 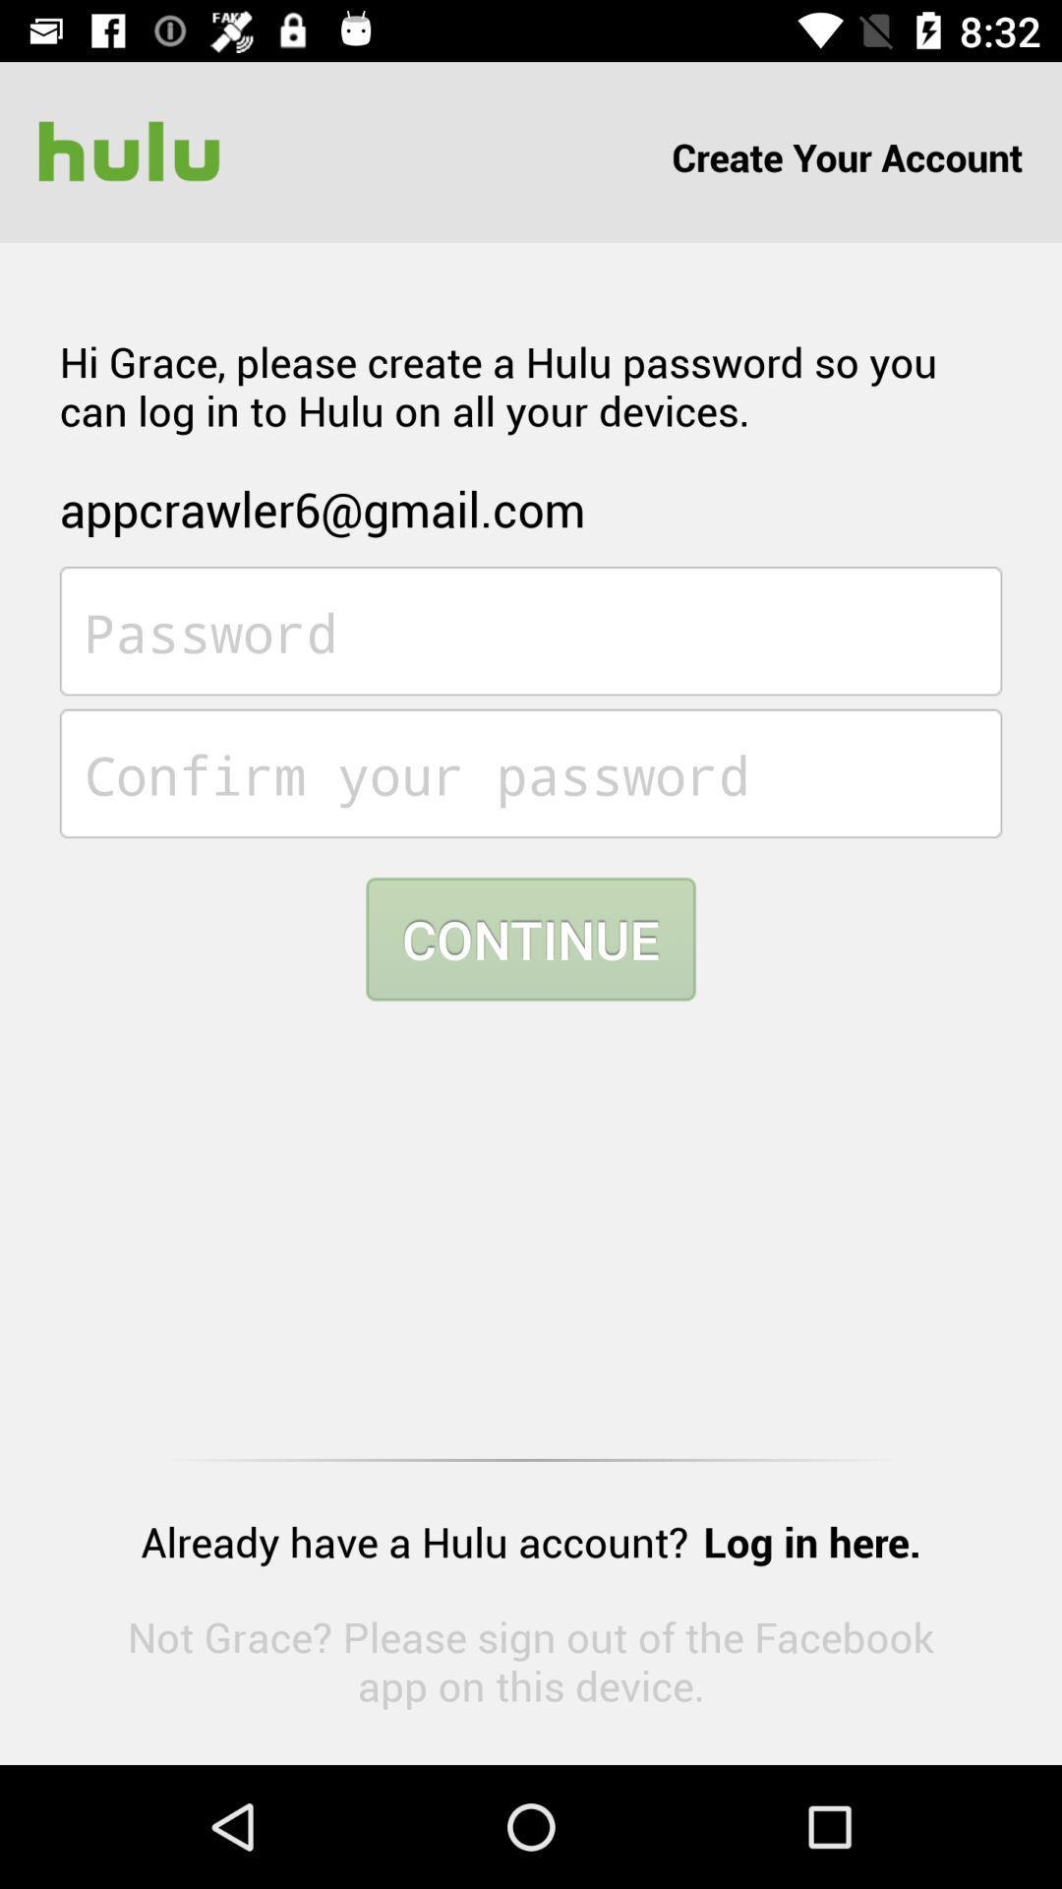 I want to click on the continue, so click(x=531, y=938).